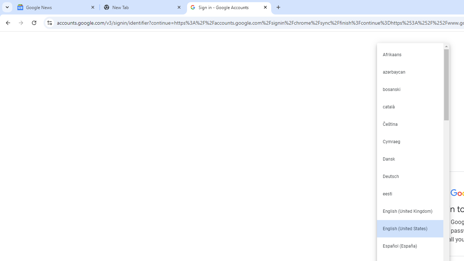 The height and width of the screenshot is (261, 464). Describe the element at coordinates (143, 7) in the screenshot. I see `'New Tab'` at that location.